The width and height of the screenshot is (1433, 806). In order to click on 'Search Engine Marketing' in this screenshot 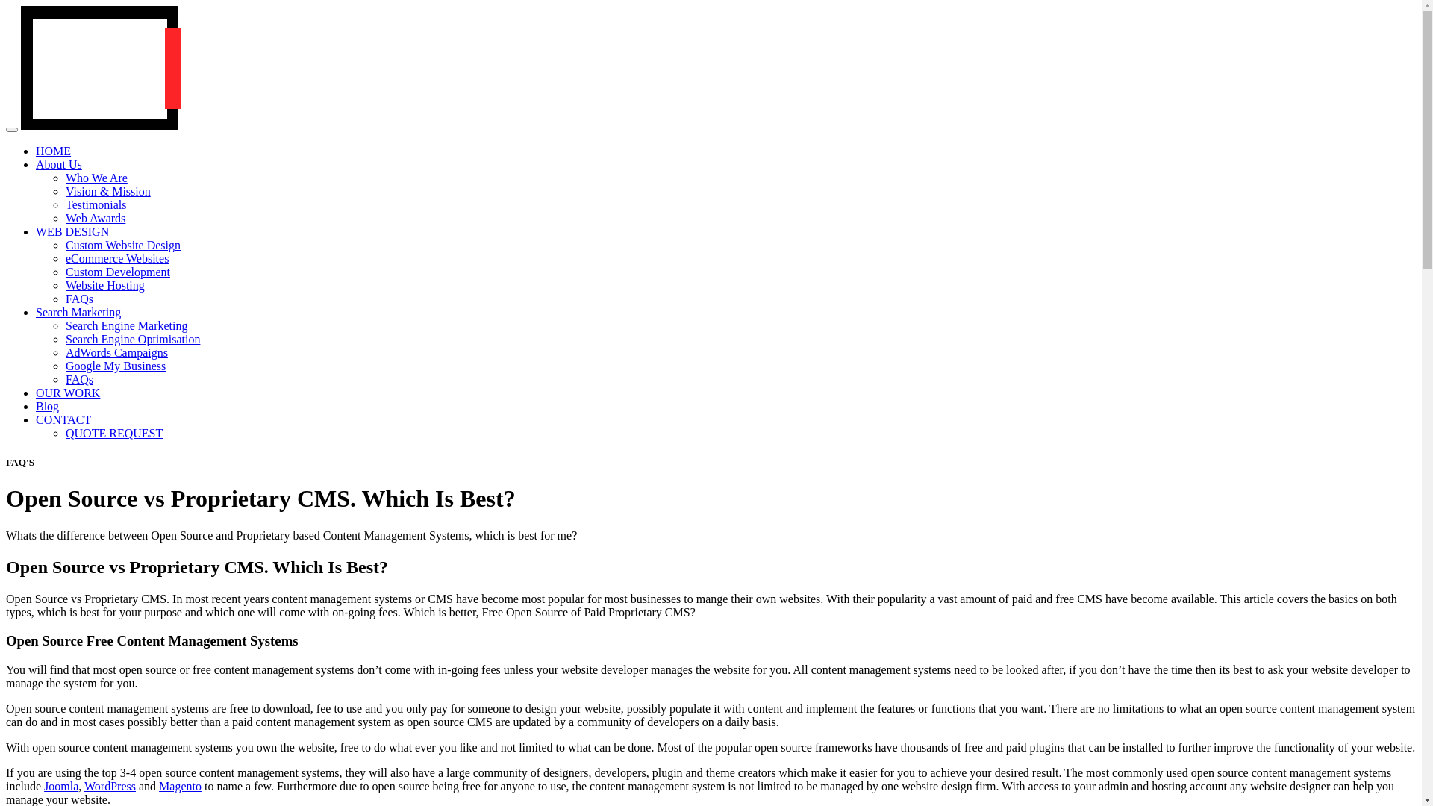, I will do `click(64, 325)`.